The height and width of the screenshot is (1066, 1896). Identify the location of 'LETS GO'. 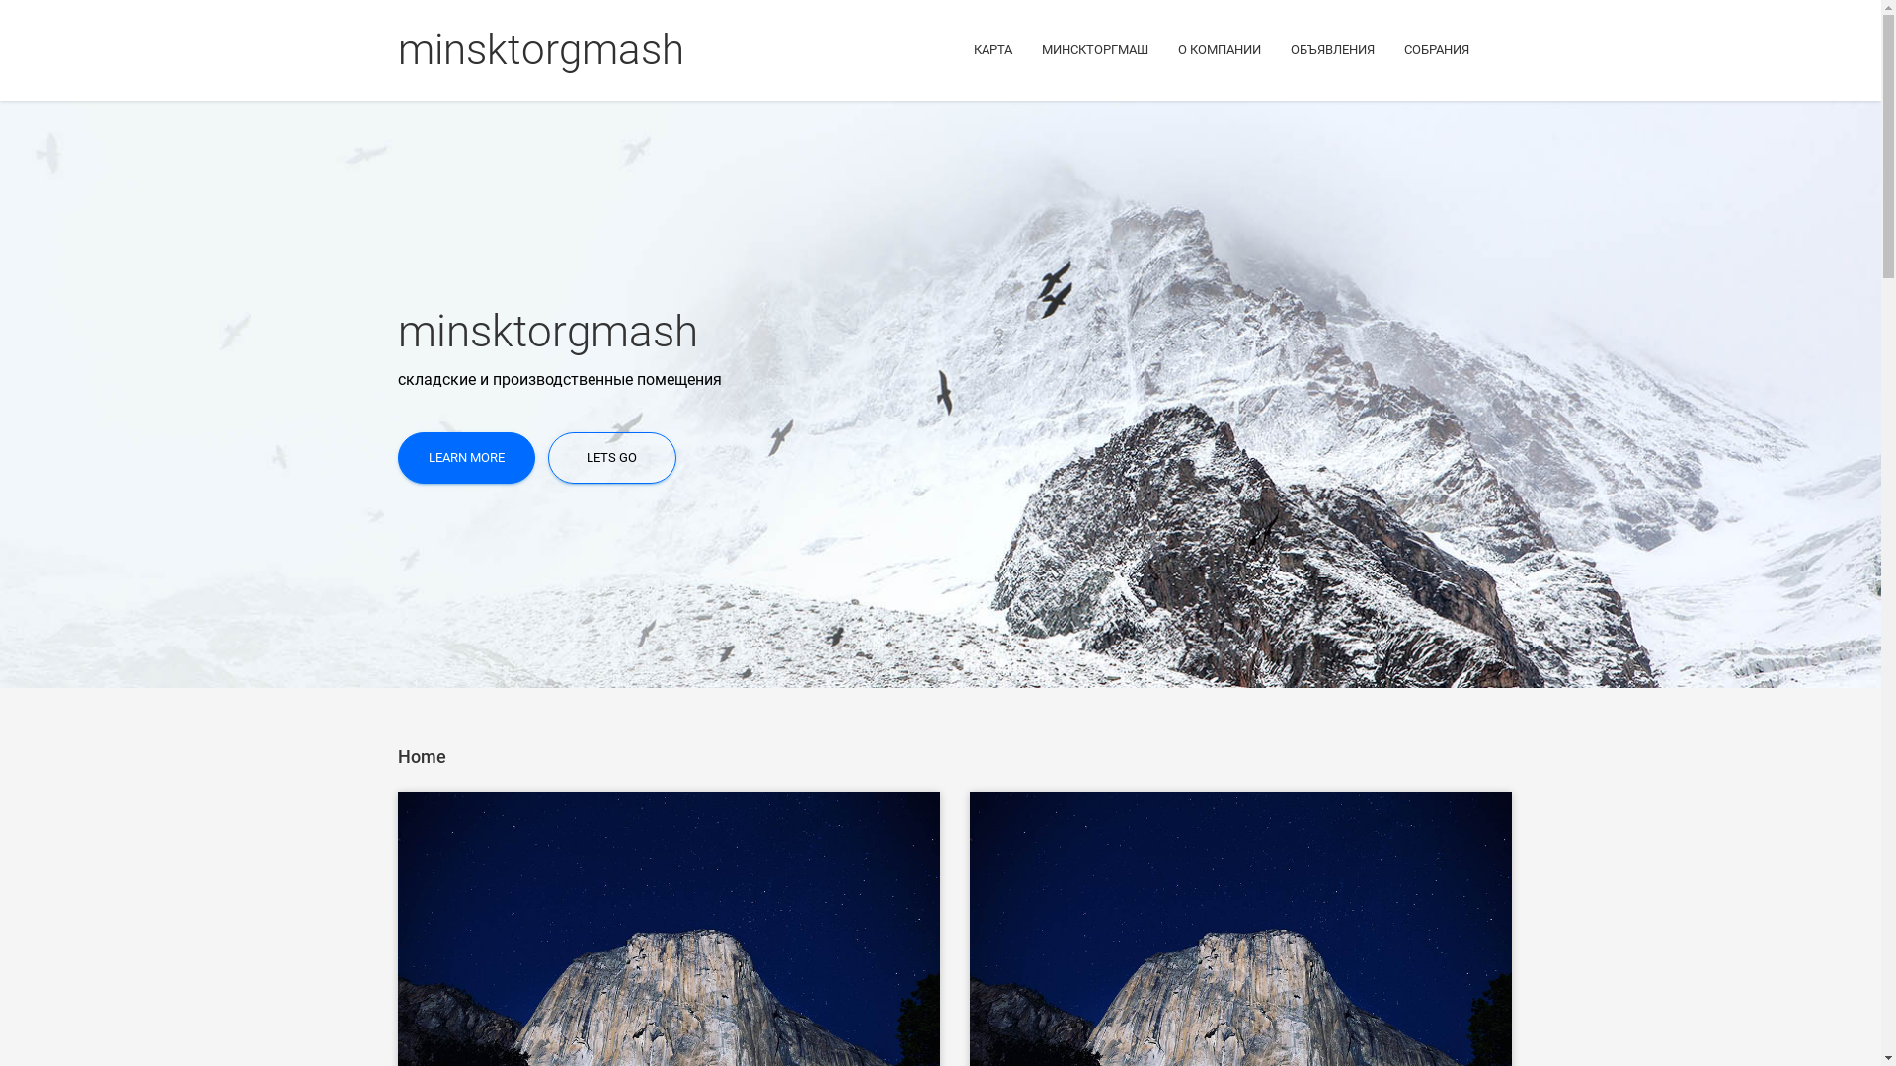
(610, 457).